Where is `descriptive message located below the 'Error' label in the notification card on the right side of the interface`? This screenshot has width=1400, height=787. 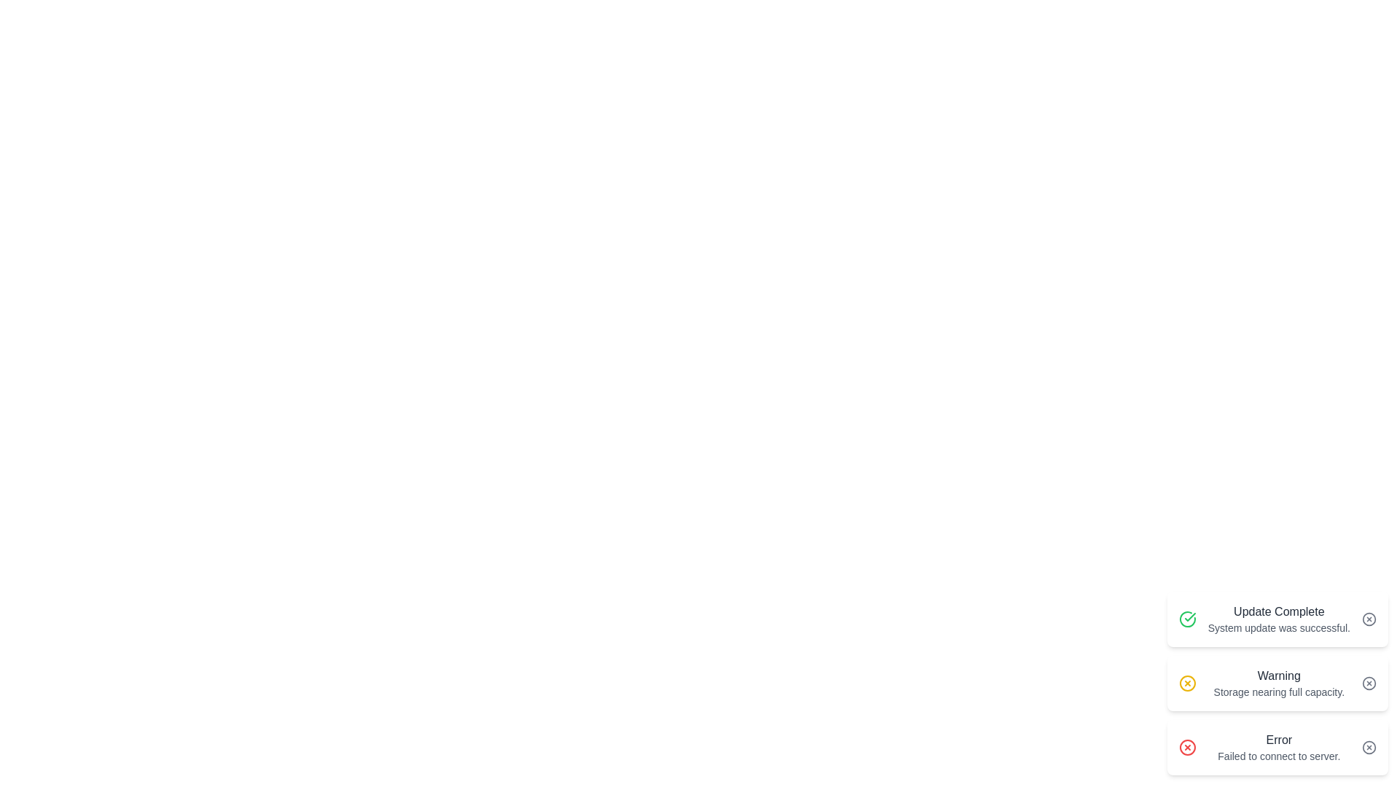
descriptive message located below the 'Error' label in the notification card on the right side of the interface is located at coordinates (1278, 755).